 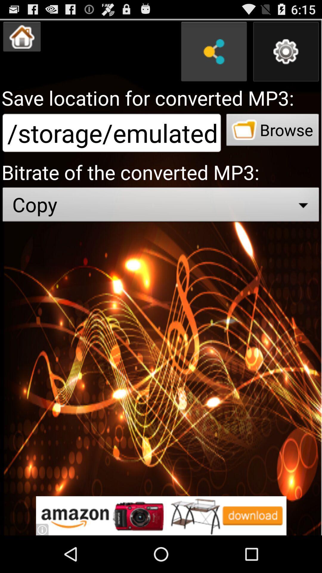 What do you see at coordinates (213, 52) in the screenshot?
I see `for share` at bounding box center [213, 52].